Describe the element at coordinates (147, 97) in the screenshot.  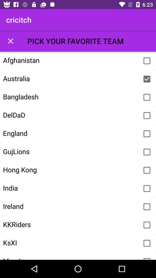
I see `option bangladesh` at that location.